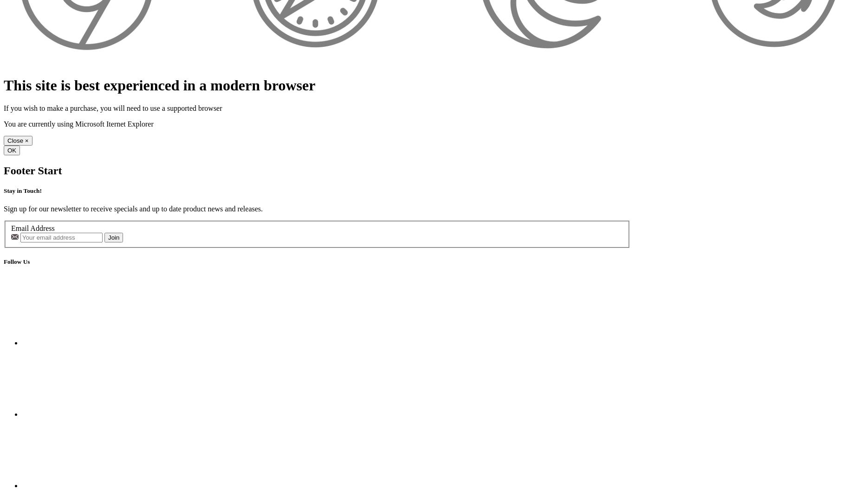 The image size is (857, 490). Describe the element at coordinates (12, 150) in the screenshot. I see `'OK'` at that location.